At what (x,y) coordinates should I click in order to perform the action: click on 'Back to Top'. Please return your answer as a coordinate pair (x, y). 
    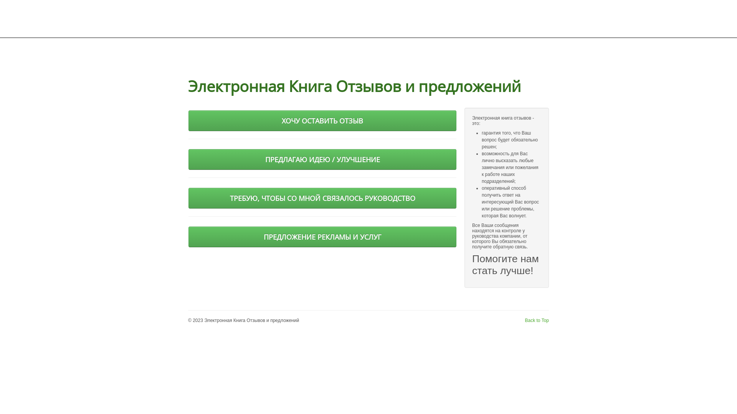
    Looking at the image, I should click on (536, 320).